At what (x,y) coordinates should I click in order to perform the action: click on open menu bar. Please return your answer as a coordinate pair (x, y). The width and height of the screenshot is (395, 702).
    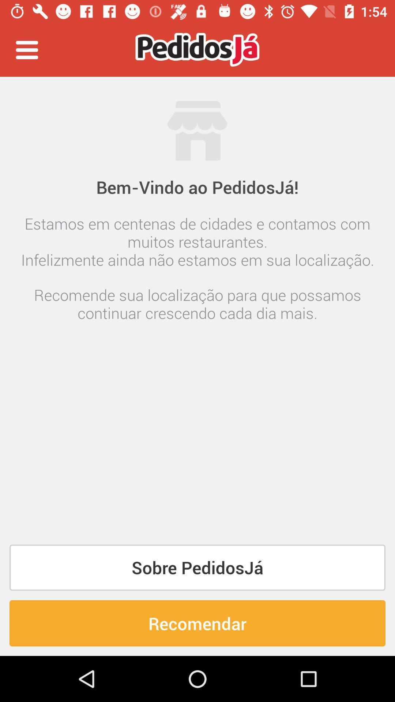
    Looking at the image, I should click on (26, 49).